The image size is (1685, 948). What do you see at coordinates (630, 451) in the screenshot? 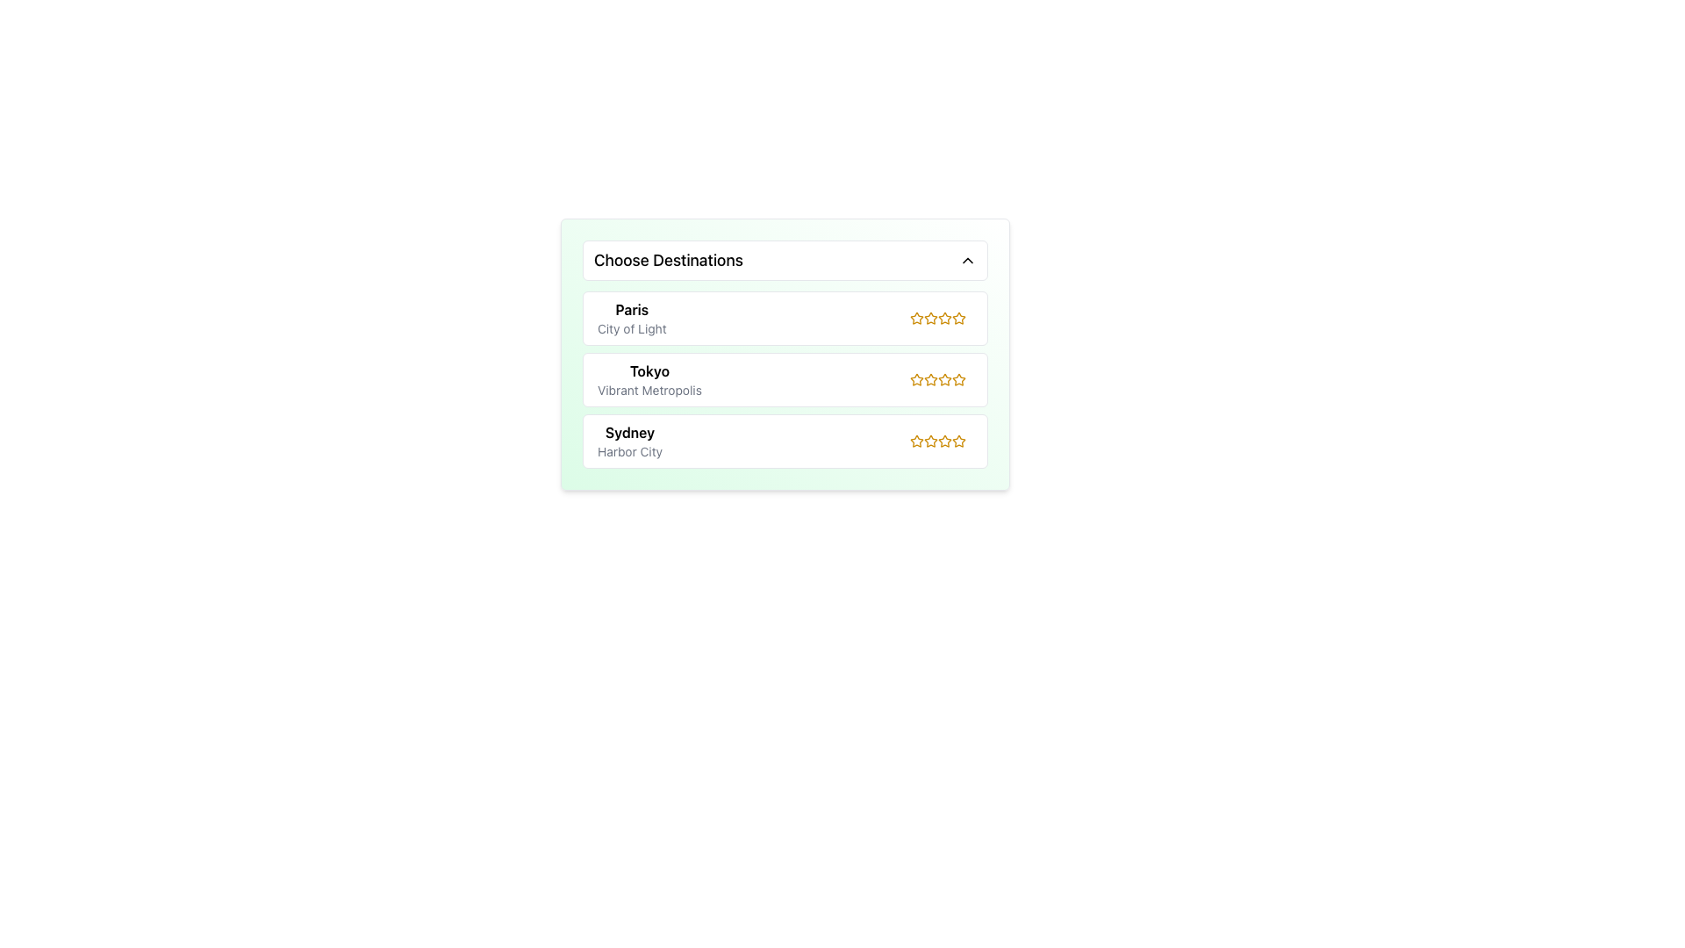
I see `the static text label providing additional context about 'Sydney', which is positioned under the main text 'Sydney' within the destination card` at bounding box center [630, 451].